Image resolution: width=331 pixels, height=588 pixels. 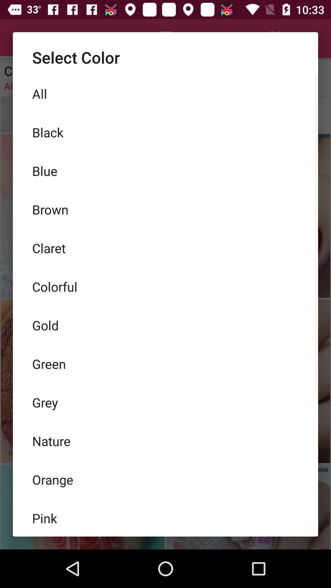 What do you see at coordinates (165, 325) in the screenshot?
I see `icon above green` at bounding box center [165, 325].